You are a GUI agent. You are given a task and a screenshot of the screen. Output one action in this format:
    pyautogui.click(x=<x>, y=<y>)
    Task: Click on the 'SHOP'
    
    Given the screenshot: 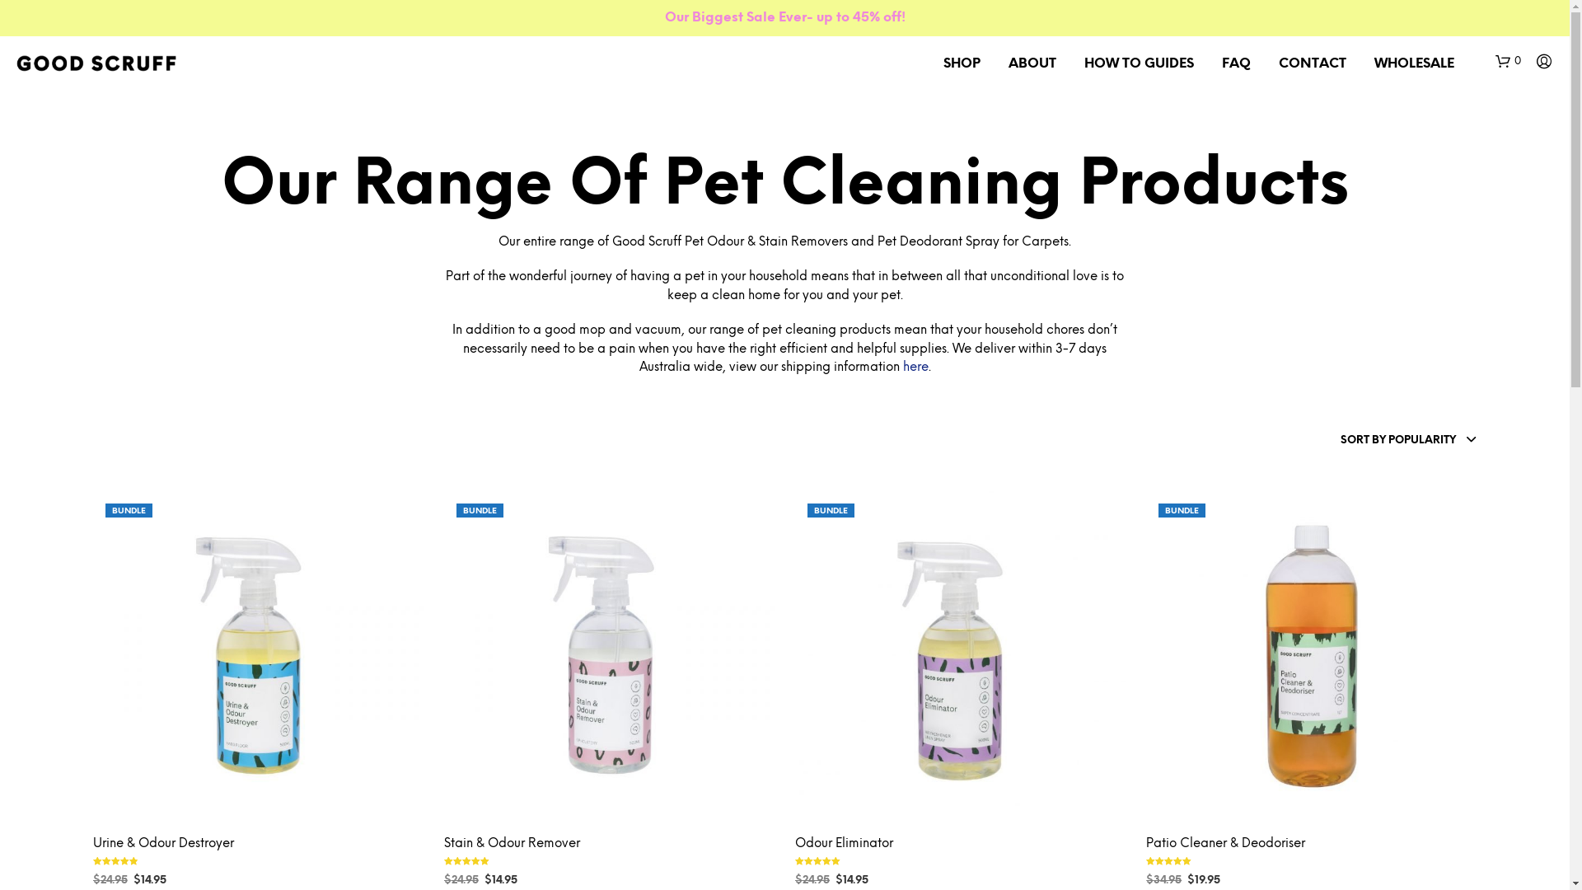 What is the action you would take?
    pyautogui.click(x=962, y=63)
    